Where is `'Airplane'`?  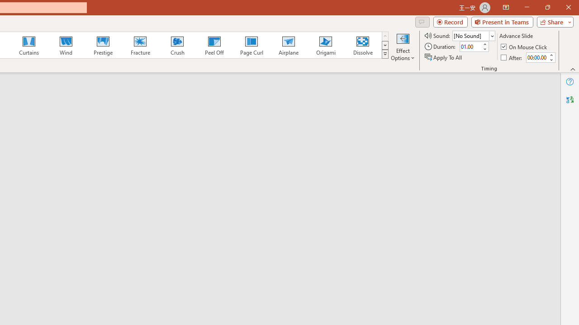
'Airplane' is located at coordinates (288, 45).